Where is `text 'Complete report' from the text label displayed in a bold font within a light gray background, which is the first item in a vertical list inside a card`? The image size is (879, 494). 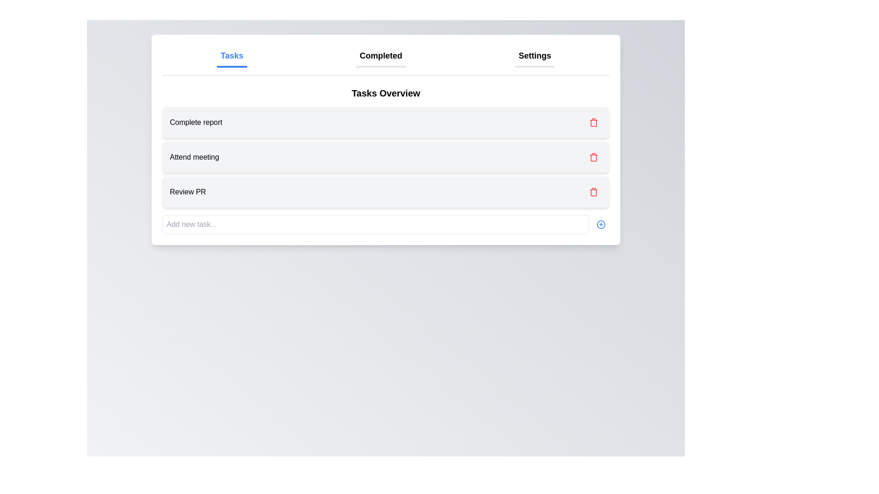 text 'Complete report' from the text label displayed in a bold font within a light gray background, which is the first item in a vertical list inside a card is located at coordinates (195, 122).